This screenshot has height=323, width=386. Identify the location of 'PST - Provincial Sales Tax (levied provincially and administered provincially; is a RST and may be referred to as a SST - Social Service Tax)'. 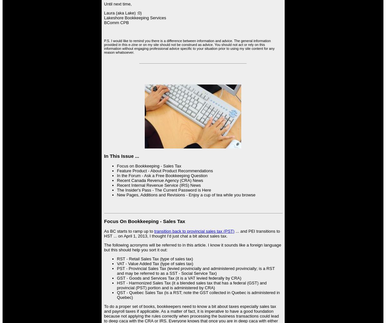
(117, 270).